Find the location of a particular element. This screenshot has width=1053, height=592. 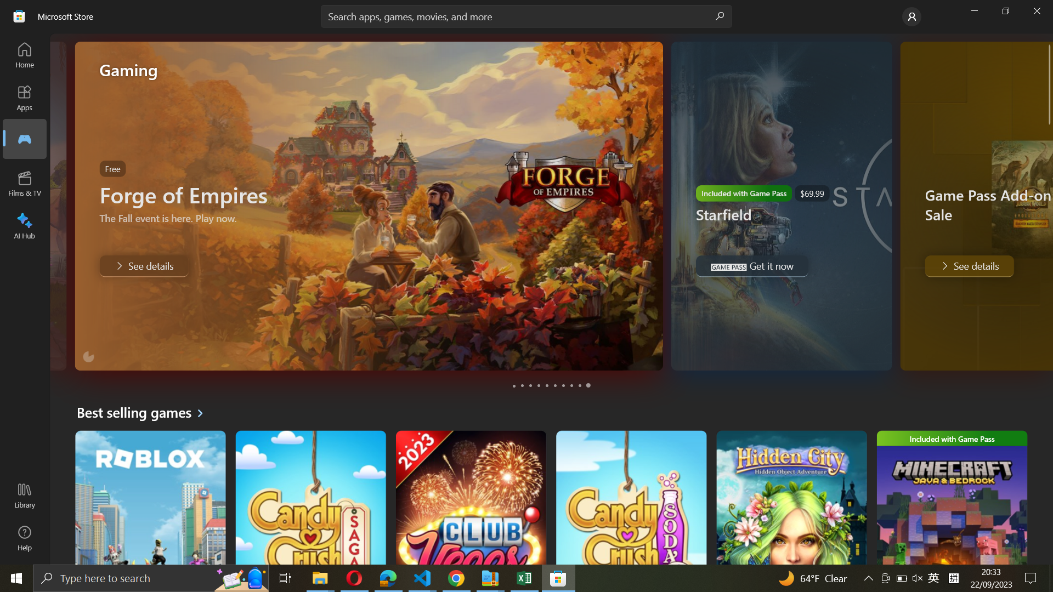

the AI Hub option is located at coordinates (25, 224).